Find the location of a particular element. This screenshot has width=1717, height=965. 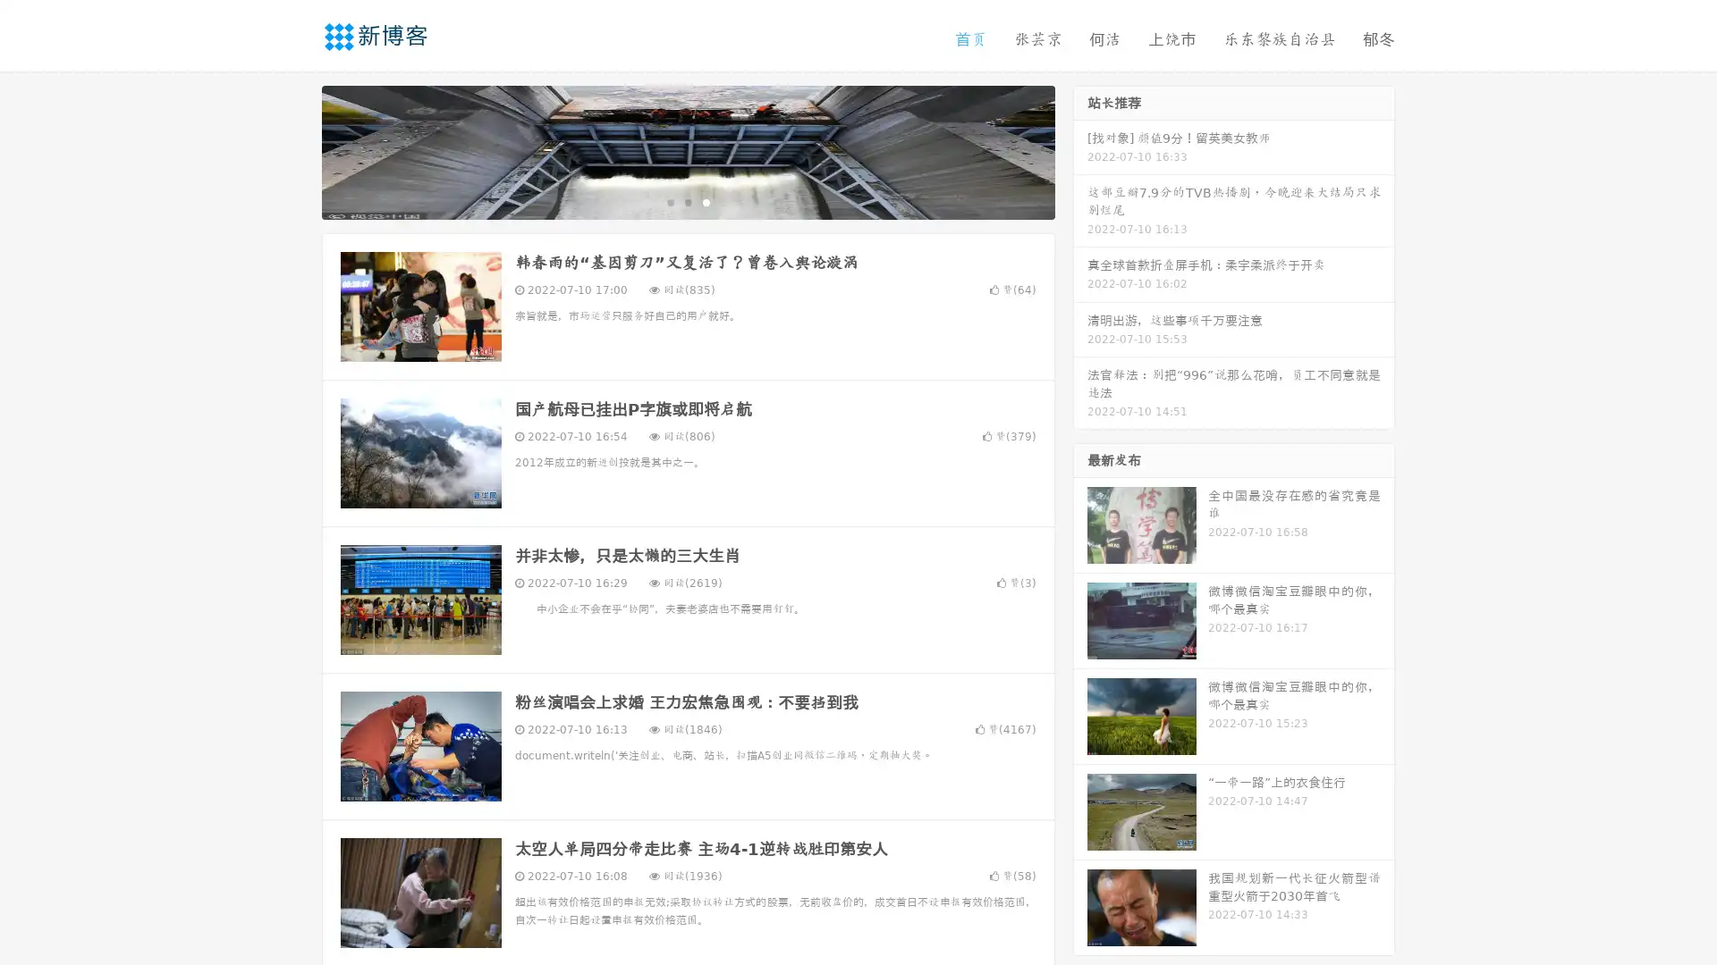

Go to slide 2 is located at coordinates (687, 201).